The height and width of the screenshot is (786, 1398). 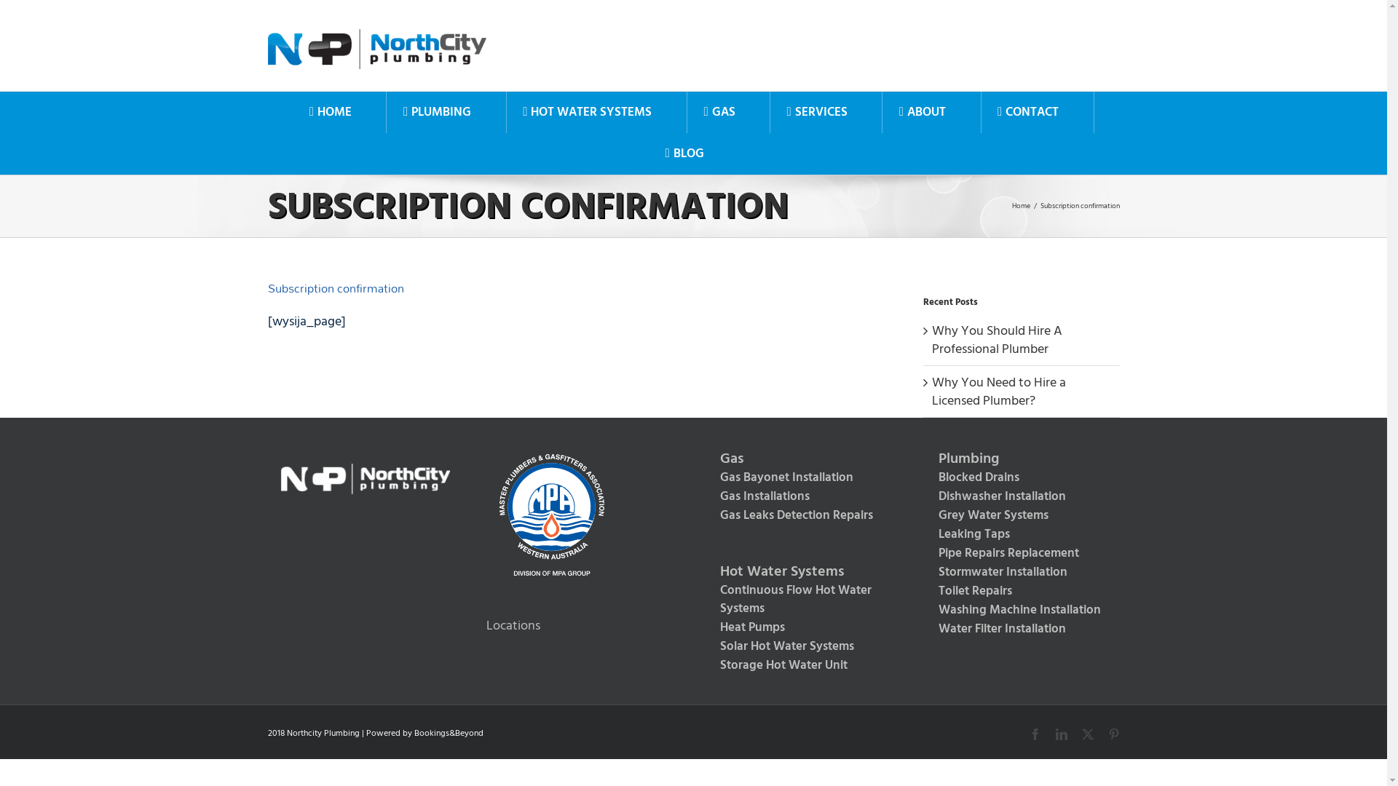 What do you see at coordinates (923, 459) in the screenshot?
I see `'Plumbing'` at bounding box center [923, 459].